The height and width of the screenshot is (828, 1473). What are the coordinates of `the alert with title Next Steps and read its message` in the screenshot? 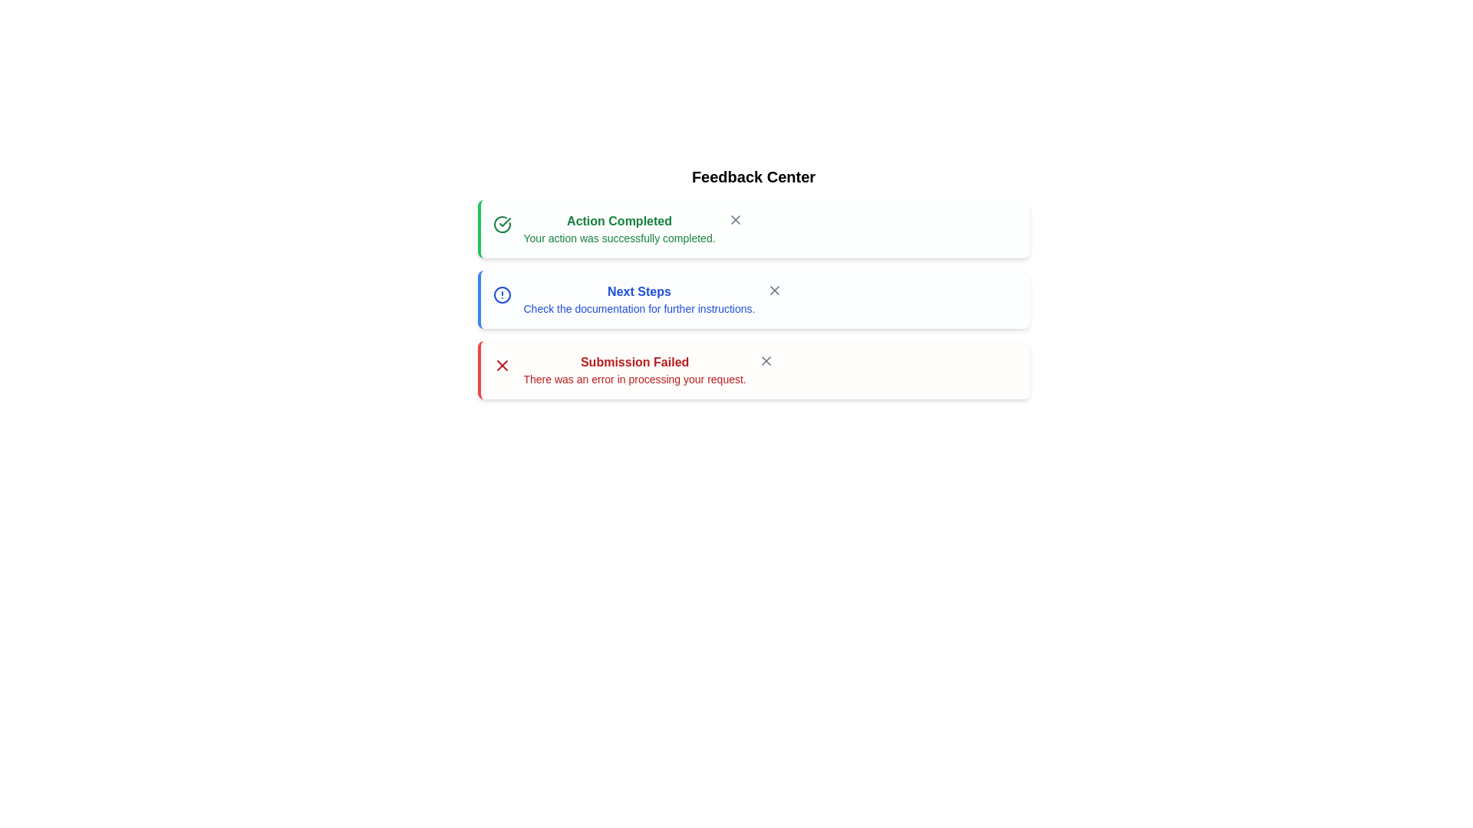 It's located at (753, 299).